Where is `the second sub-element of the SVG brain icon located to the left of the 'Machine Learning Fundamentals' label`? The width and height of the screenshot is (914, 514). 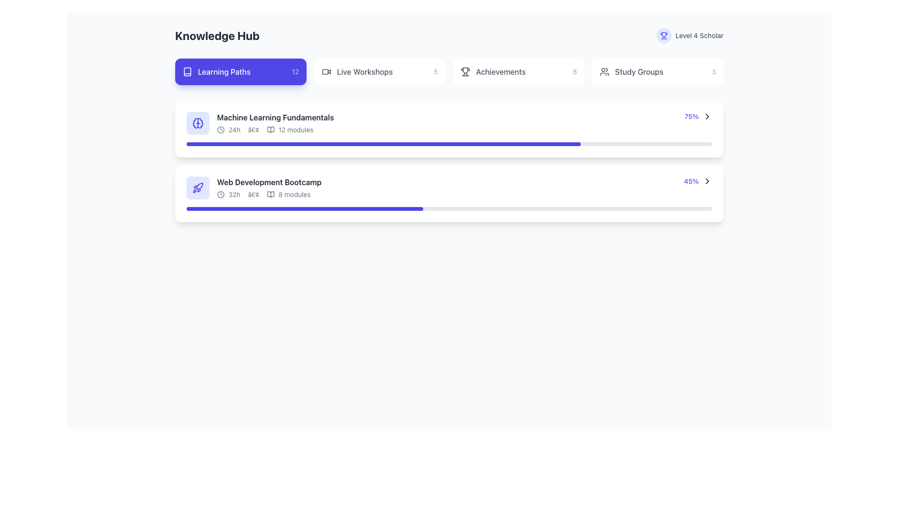
the second sub-element of the SVG brain icon located to the left of the 'Machine Learning Fundamentals' label is located at coordinates (200, 122).